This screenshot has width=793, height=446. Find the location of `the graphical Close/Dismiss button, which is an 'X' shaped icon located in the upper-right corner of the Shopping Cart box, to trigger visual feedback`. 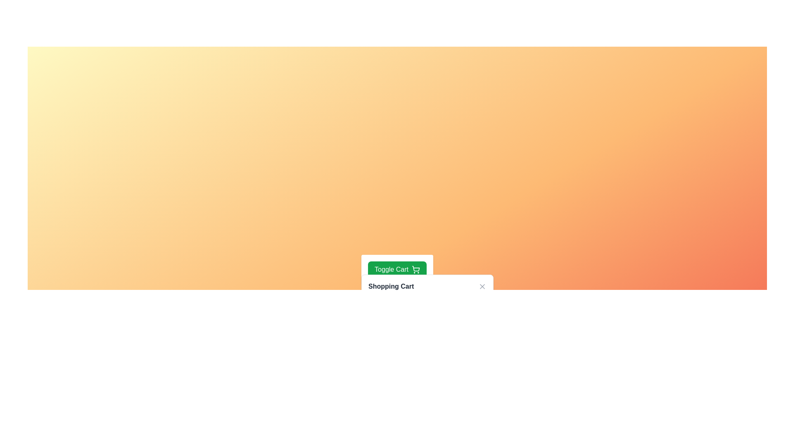

the graphical Close/Dismiss button, which is an 'X' shaped icon located in the upper-right corner of the Shopping Cart box, to trigger visual feedback is located at coordinates (482, 286).